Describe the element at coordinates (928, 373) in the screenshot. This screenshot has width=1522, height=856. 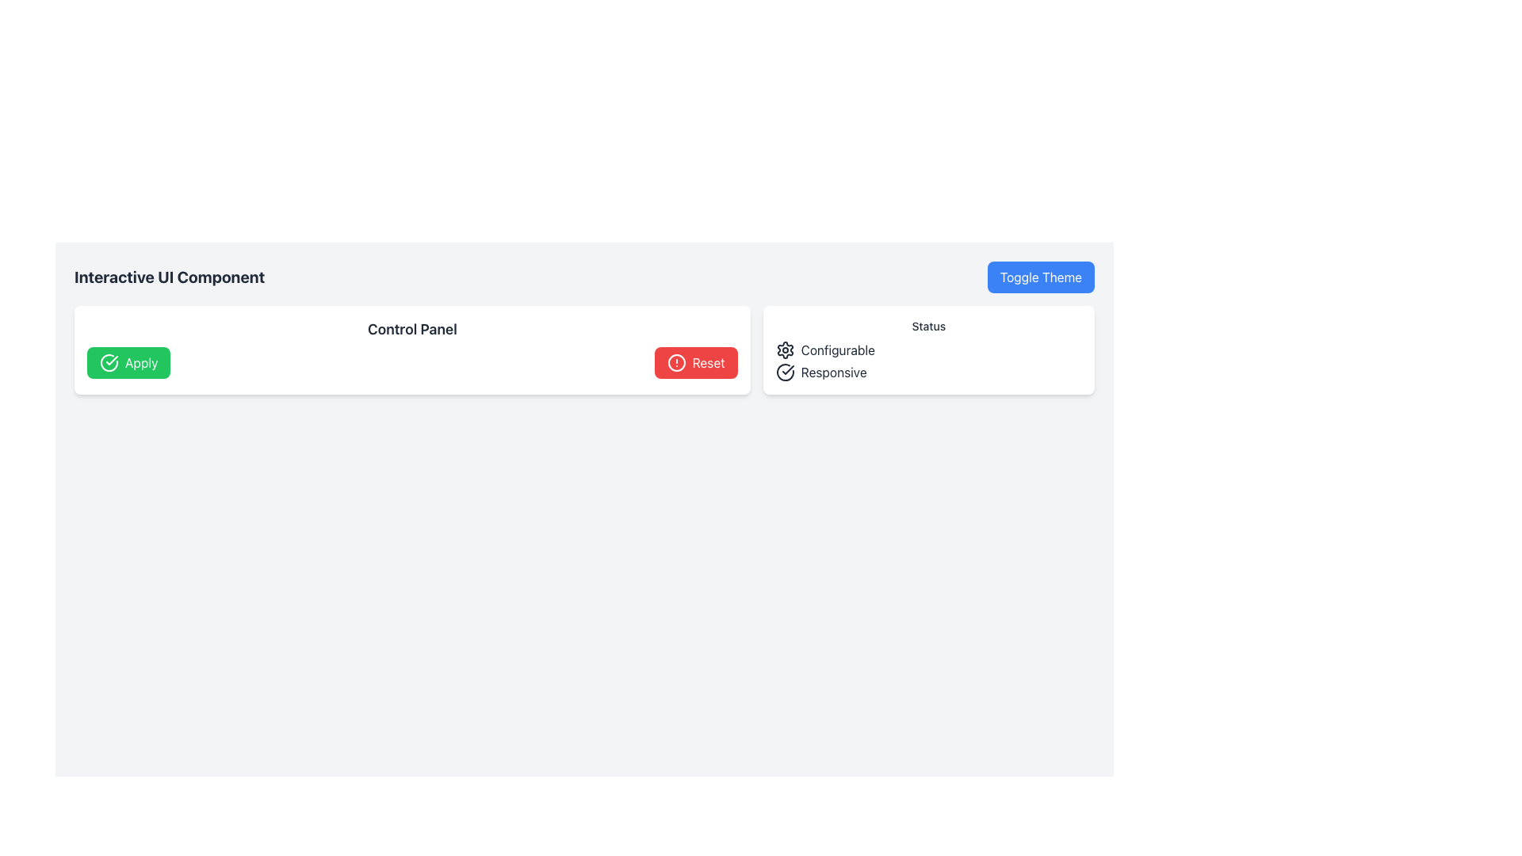
I see `checkmark icon in the 'Responsive' label, which is a rectangular UI component located in the 'Status' section of the interface` at that location.